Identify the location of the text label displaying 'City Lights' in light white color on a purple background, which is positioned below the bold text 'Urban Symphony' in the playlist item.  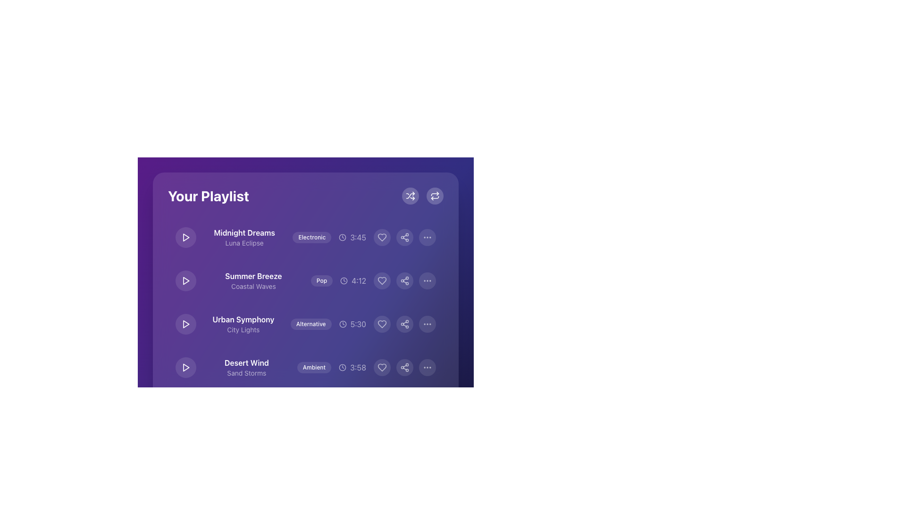
(243, 329).